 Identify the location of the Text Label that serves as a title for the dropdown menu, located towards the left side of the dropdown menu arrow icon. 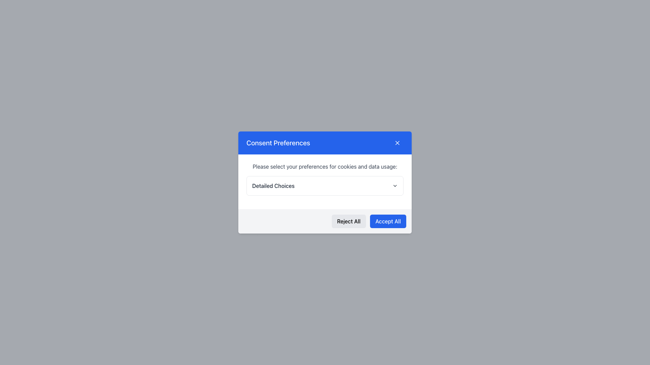
(273, 186).